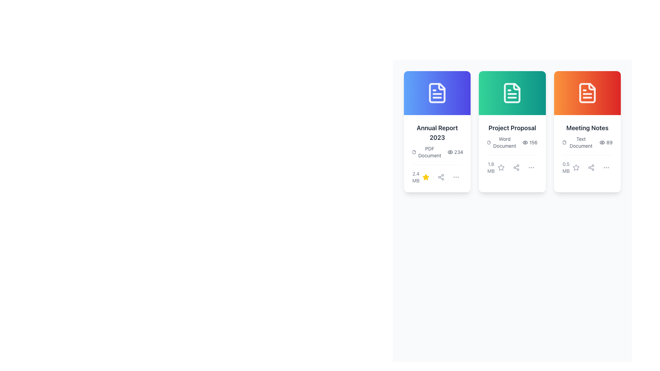  Describe the element at coordinates (587, 142) in the screenshot. I see `the informational display that shows the document type 'Text Document' and visibility count '89 views' located in the 'Meeting Notes' card, positioned below the title and above the file size text` at that location.